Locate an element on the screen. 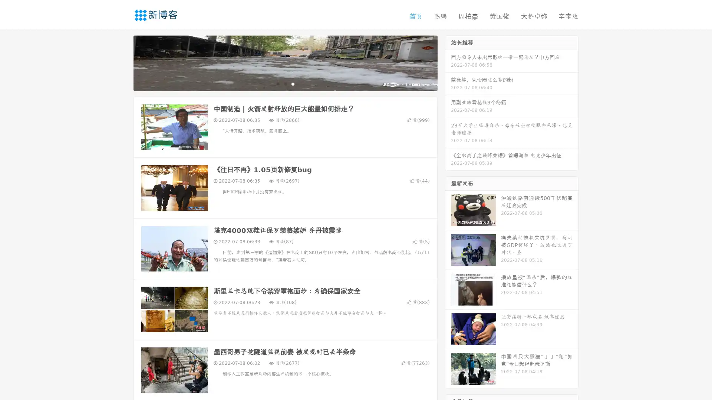 This screenshot has height=400, width=712. Next slide is located at coordinates (448, 62).